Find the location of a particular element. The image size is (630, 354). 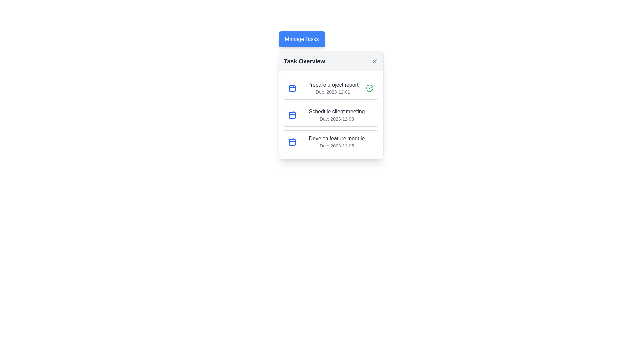

the due date text element associated with the task 'Prepare project report' located in the 'Task Overview' panel is located at coordinates (333, 92).